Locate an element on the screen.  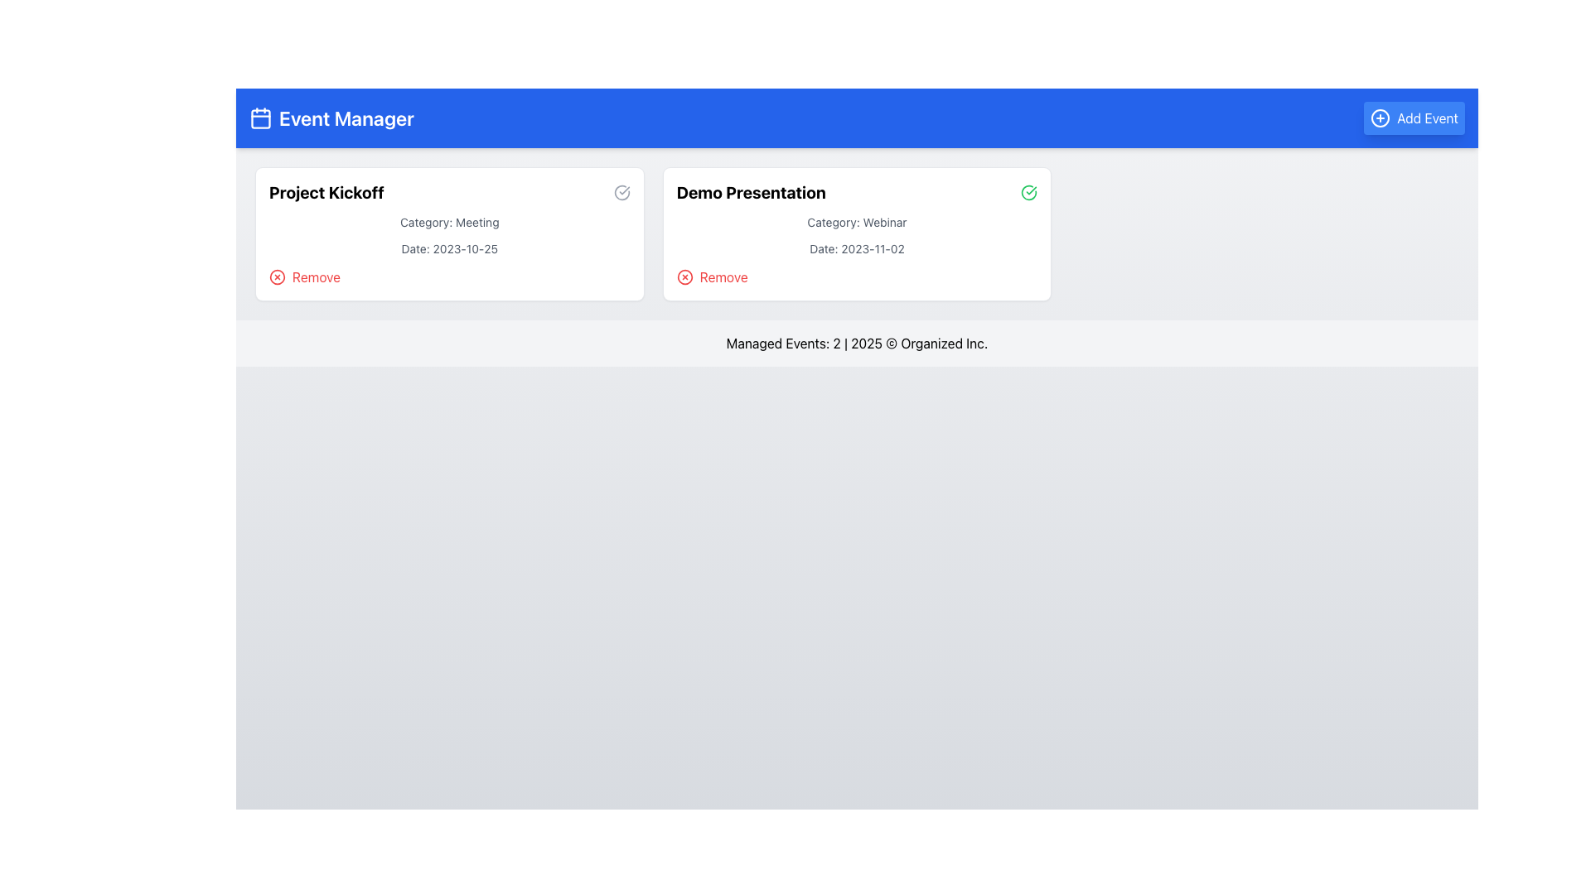
the circular remove icon located at the upper-right corner of the 'Demo Presentation' card is located at coordinates (684, 276).